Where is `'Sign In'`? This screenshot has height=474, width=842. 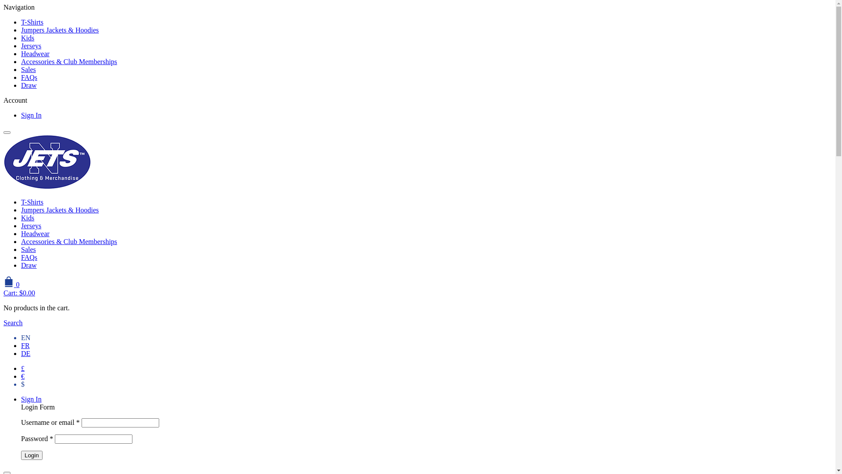
'Sign In' is located at coordinates (31, 115).